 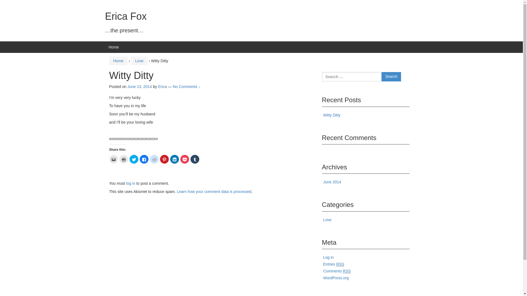 What do you see at coordinates (323, 264) in the screenshot?
I see `'Entries RSS'` at bounding box center [323, 264].